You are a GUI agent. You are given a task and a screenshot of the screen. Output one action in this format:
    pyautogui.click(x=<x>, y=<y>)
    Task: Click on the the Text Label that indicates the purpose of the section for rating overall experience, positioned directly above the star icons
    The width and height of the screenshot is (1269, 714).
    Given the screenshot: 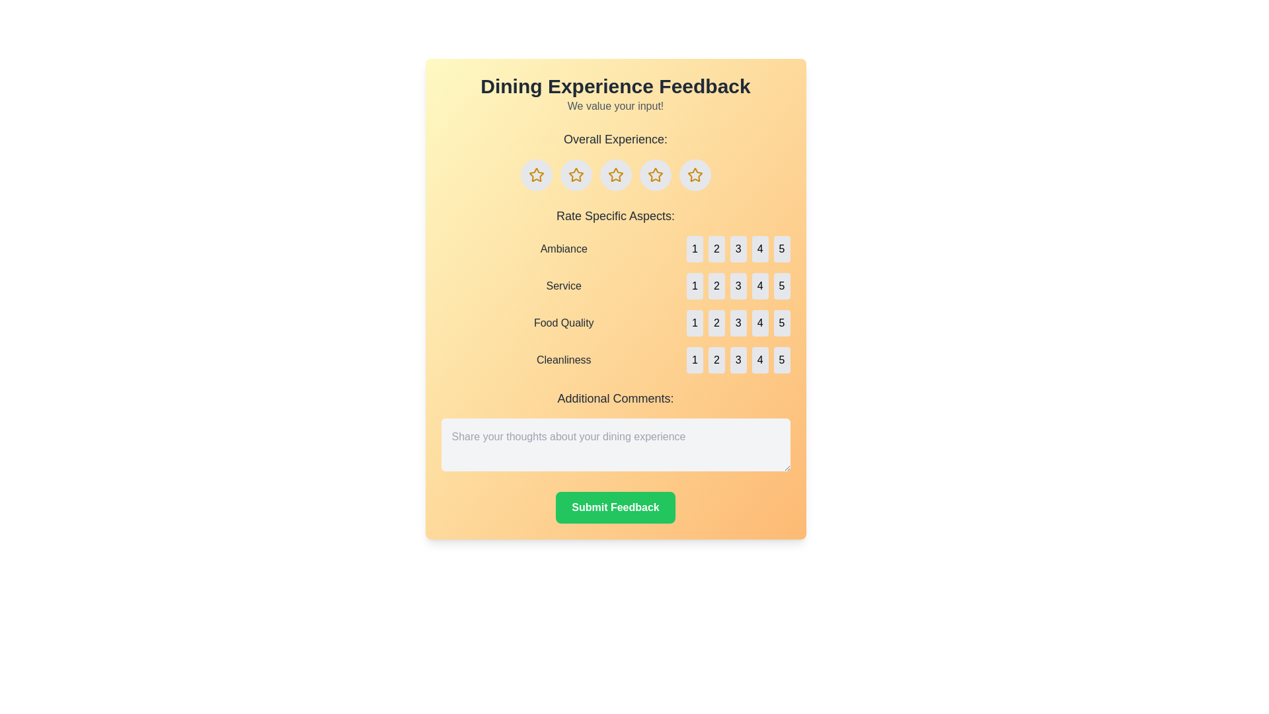 What is the action you would take?
    pyautogui.click(x=615, y=139)
    